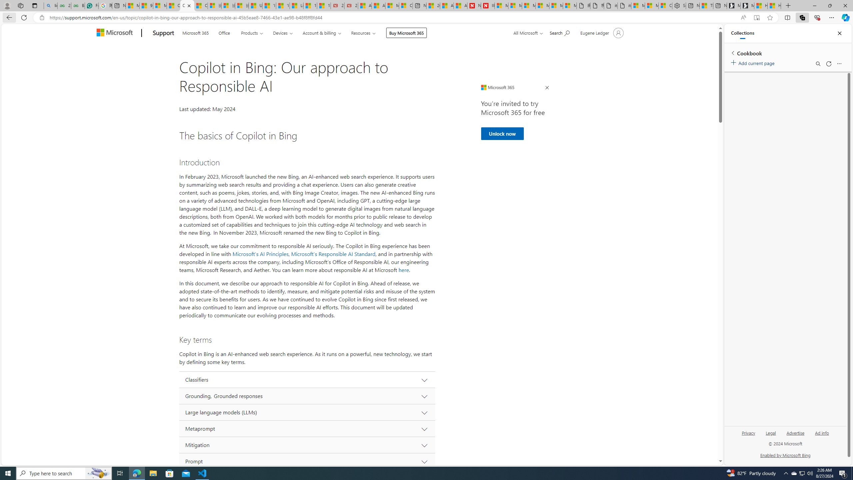 The height and width of the screenshot is (480, 853). I want to click on 'USA TODAY - MSN', so click(255, 5).